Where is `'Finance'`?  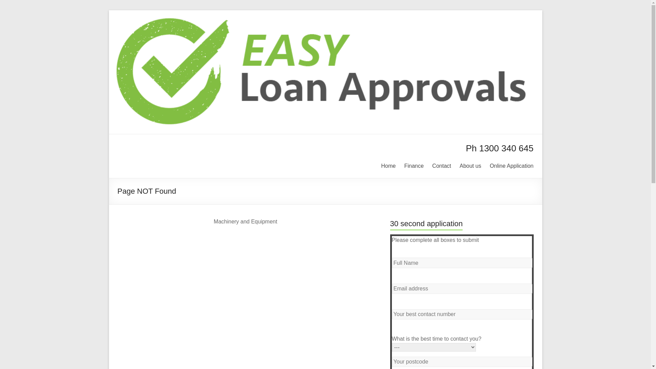 'Finance' is located at coordinates (413, 165).